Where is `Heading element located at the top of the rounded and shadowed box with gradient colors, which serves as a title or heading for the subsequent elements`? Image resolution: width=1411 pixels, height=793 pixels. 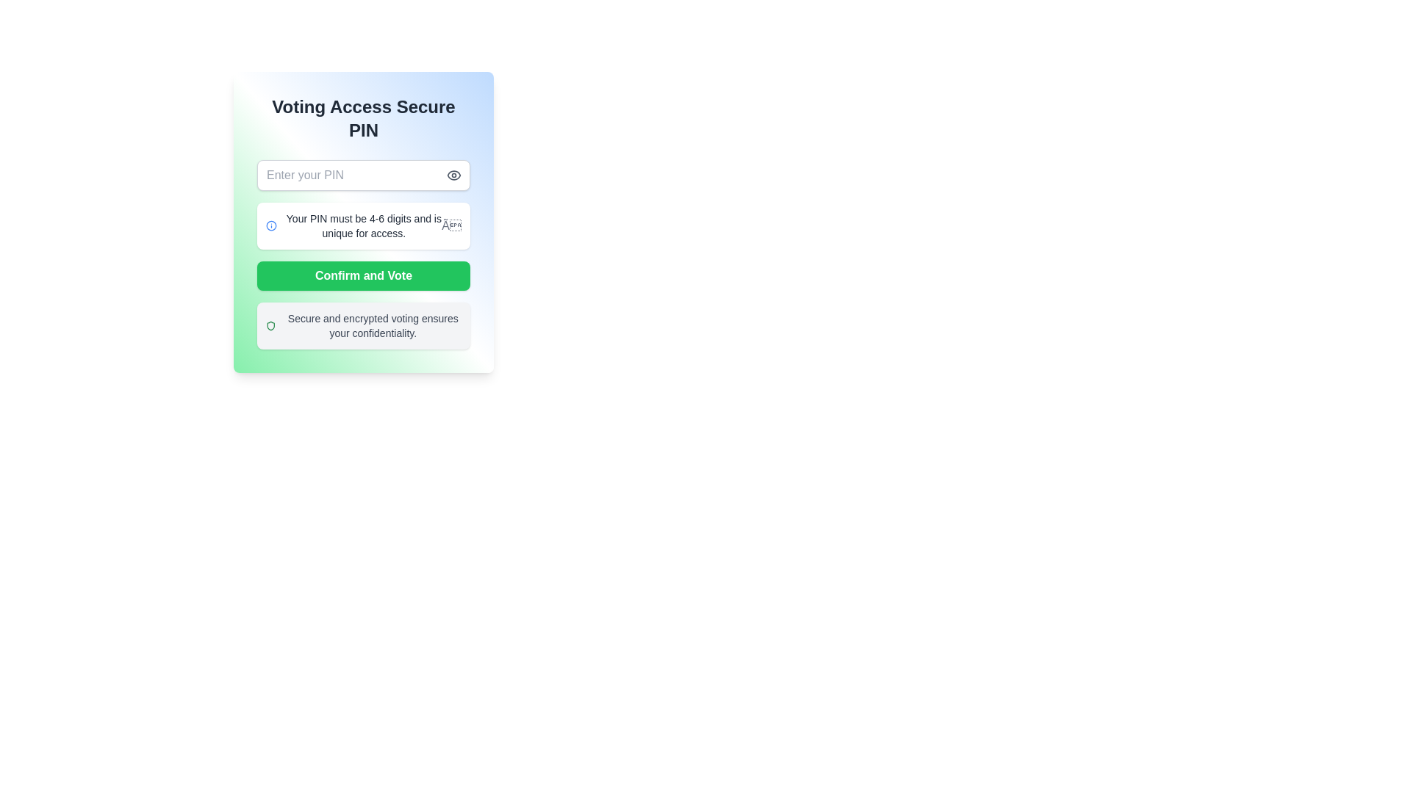
Heading element located at the top of the rounded and shadowed box with gradient colors, which serves as a title or heading for the subsequent elements is located at coordinates (363, 118).